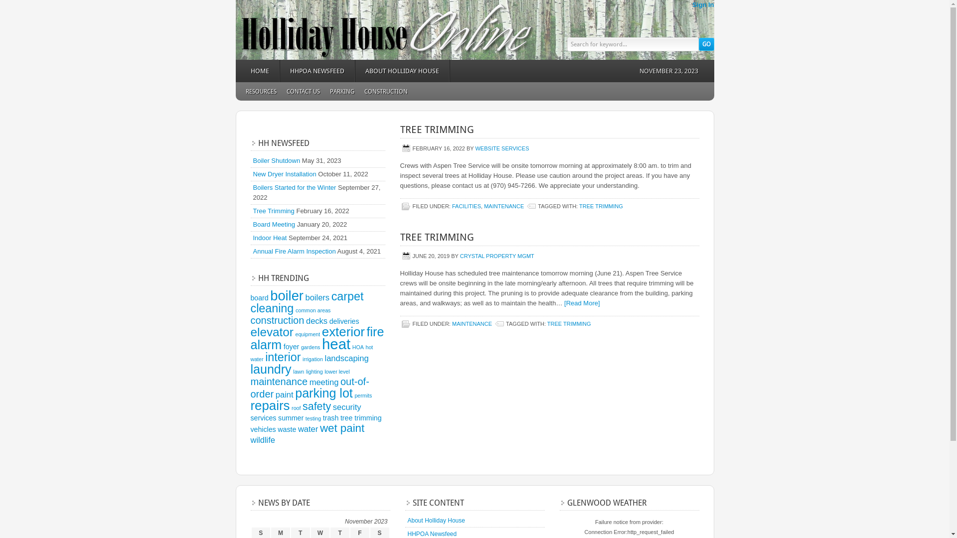  I want to click on 'Boilers Started for the Winter', so click(294, 187).